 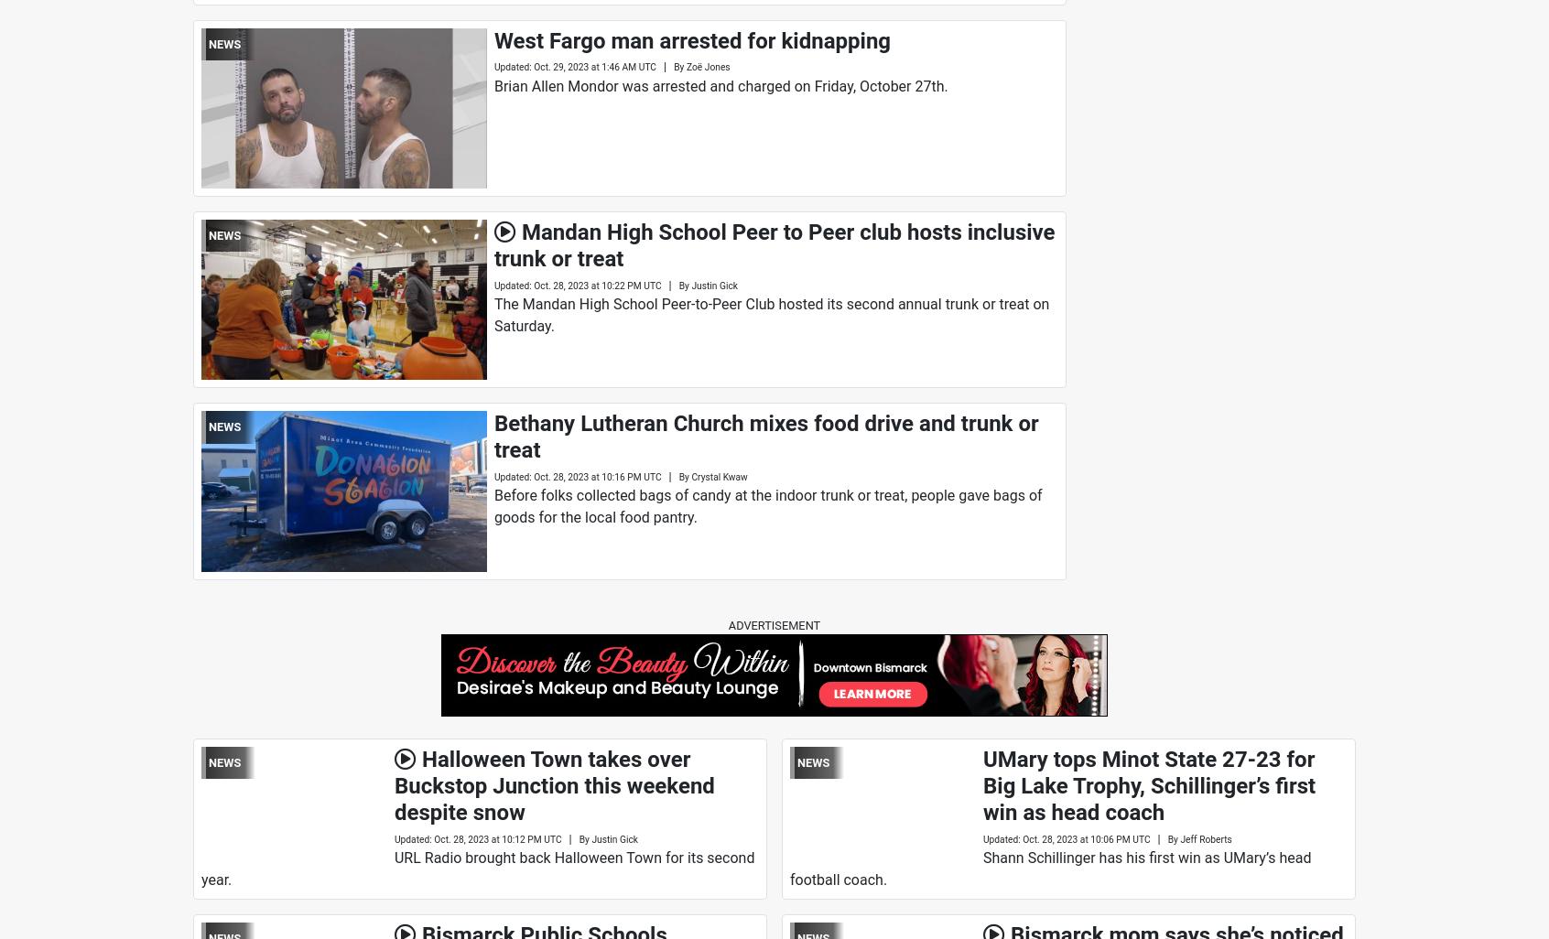 I want to click on 'URL Radio brought back Halloween Town for its second year.', so click(x=477, y=868).